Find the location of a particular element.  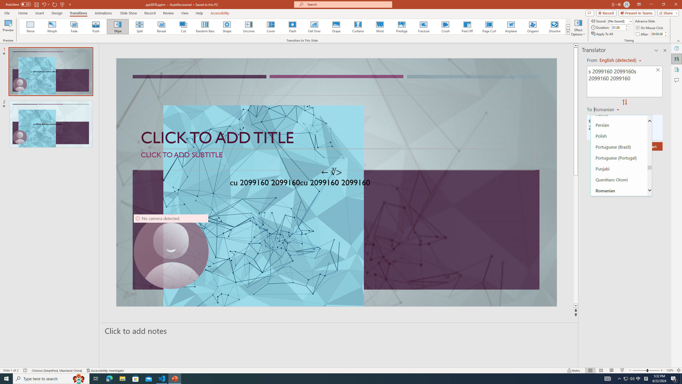

'Peel Off' is located at coordinates (467, 26).